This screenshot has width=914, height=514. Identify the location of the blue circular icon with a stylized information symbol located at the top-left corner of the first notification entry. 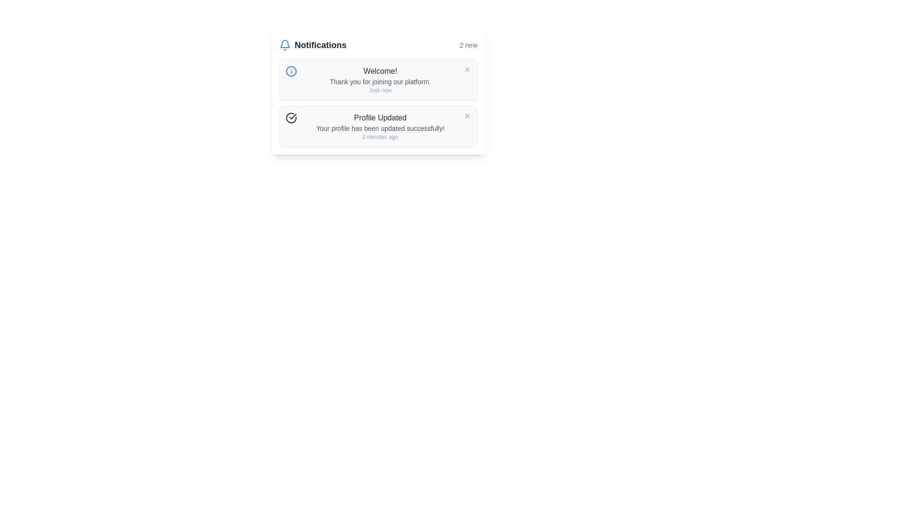
(290, 71).